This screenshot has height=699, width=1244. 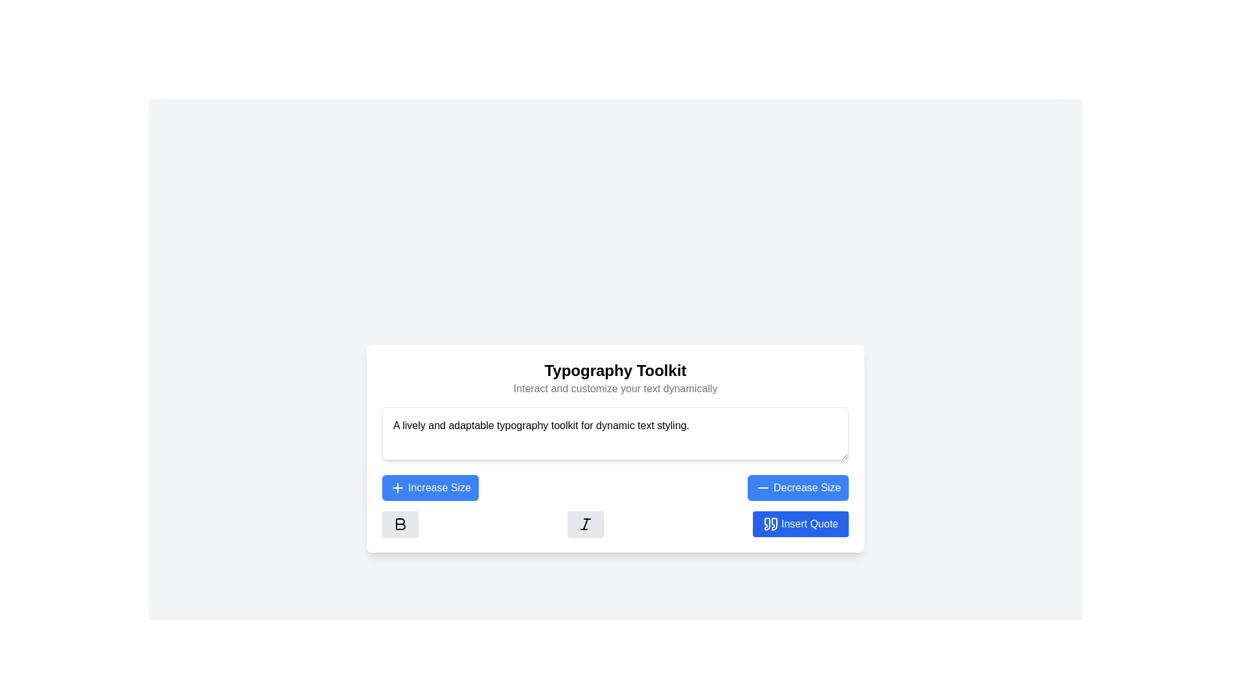 What do you see at coordinates (771, 523) in the screenshot?
I see `the stylized quotation marks icon with a blue circular background located within the 'Insert Quote' button at the bottom-right corner of the main interface` at bounding box center [771, 523].